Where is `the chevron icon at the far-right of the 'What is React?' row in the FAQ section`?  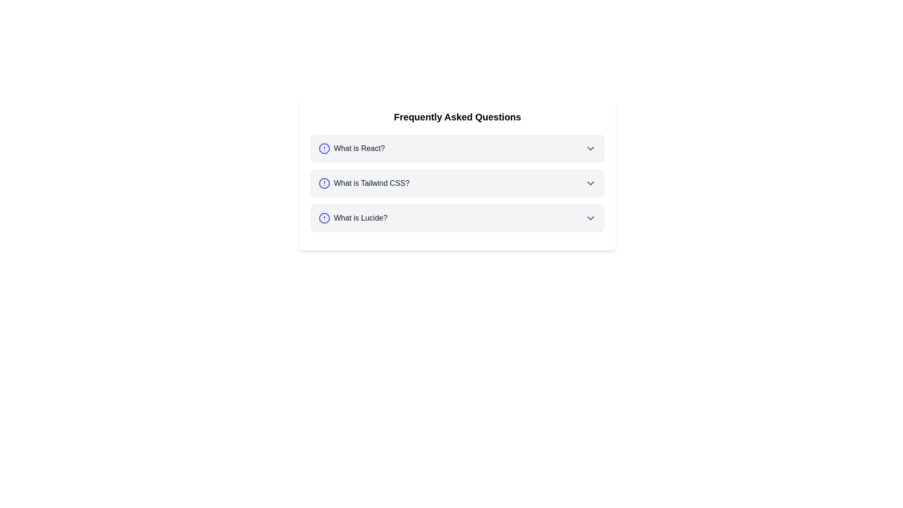 the chevron icon at the far-right of the 'What is React?' row in the FAQ section is located at coordinates (590, 148).